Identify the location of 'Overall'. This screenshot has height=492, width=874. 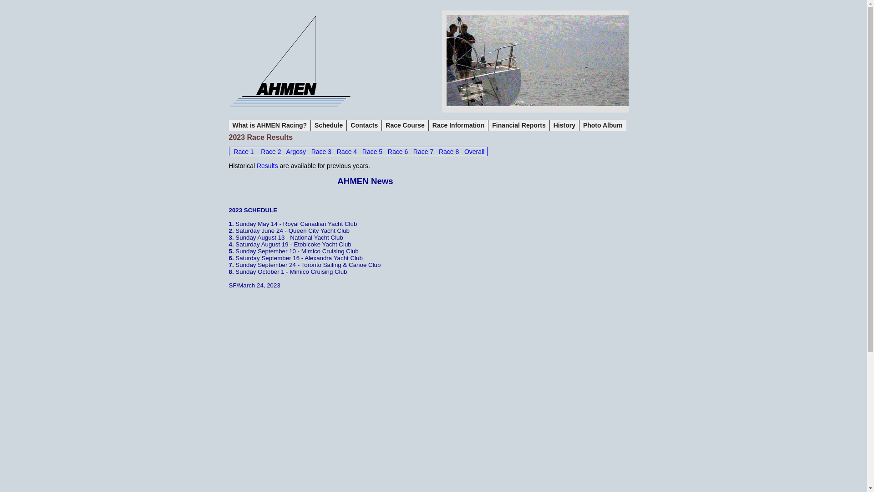
(473, 151).